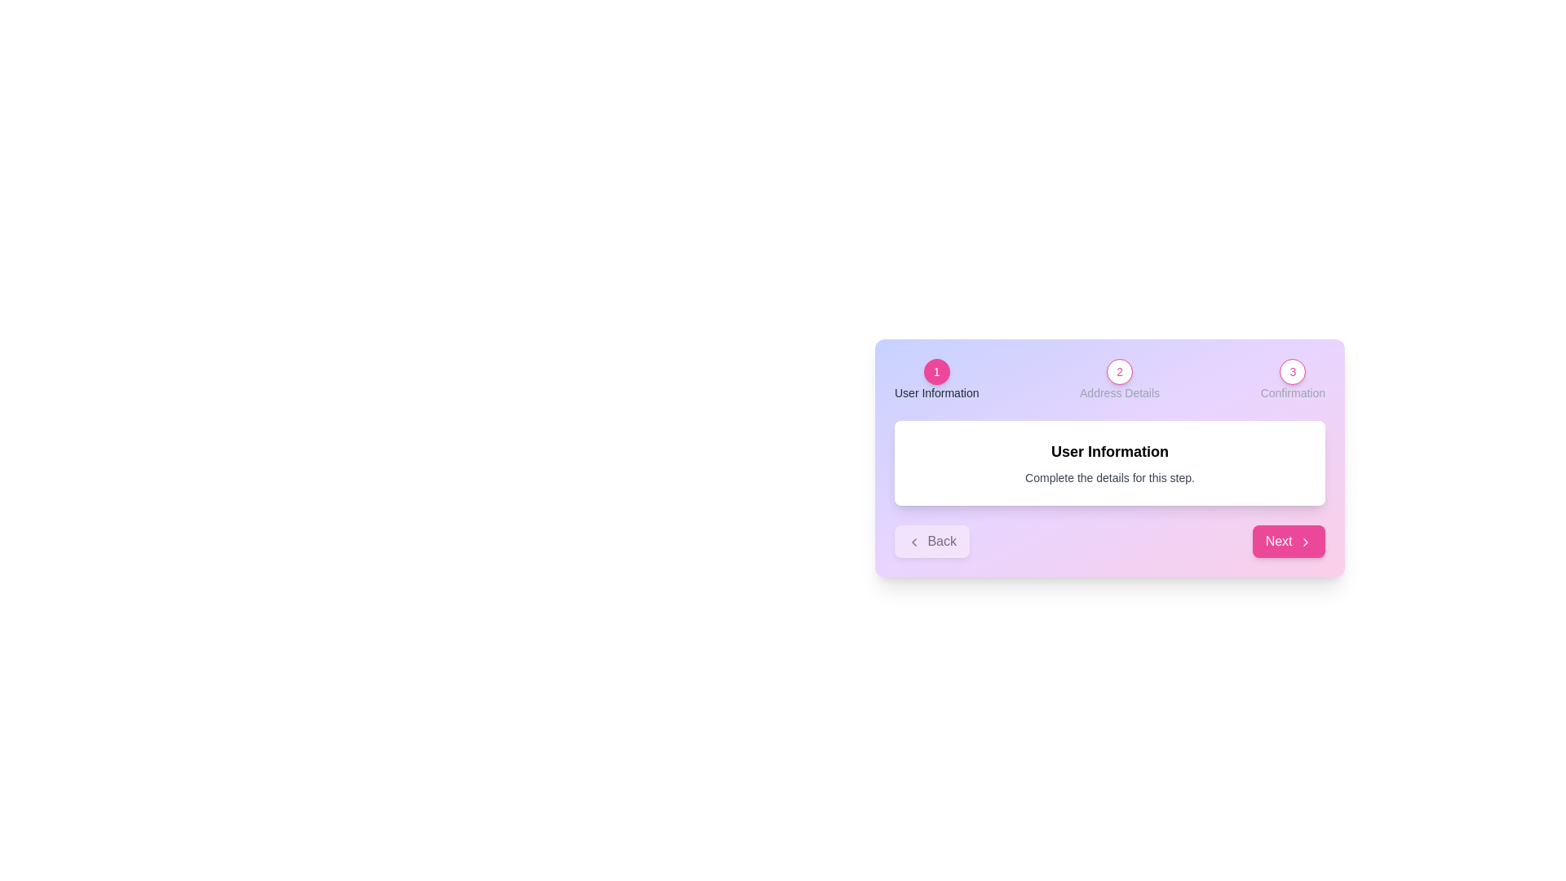  Describe the element at coordinates (936, 371) in the screenshot. I see `the step indicator labeled User Information to navigate to its details` at that location.